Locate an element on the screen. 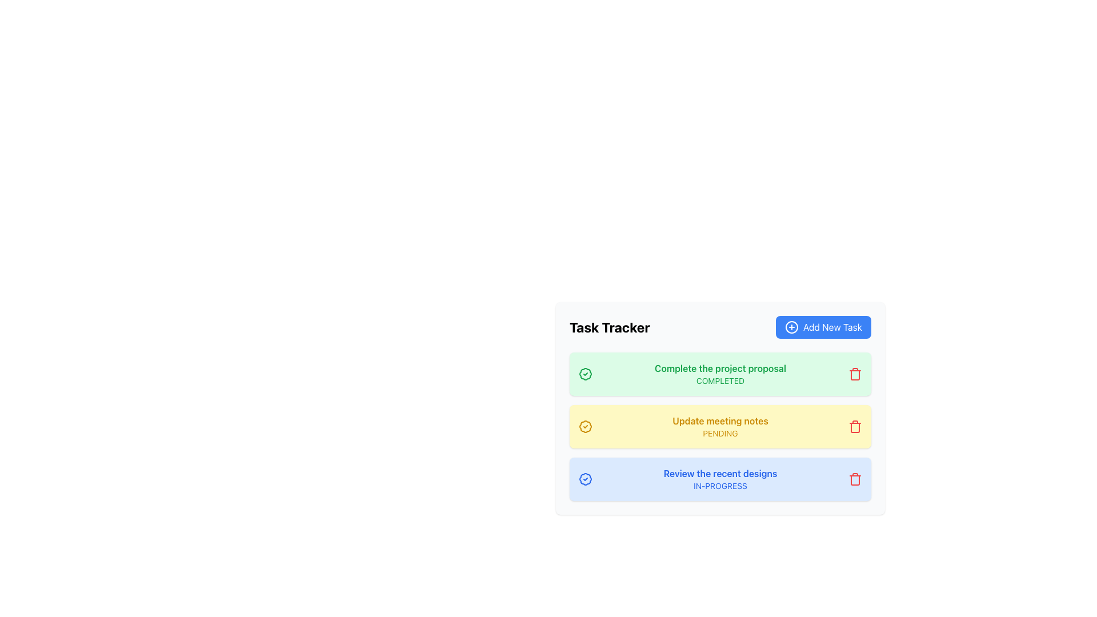 This screenshot has height=617, width=1097. the delete icon located at the top right corner of the 'Complete the project proposal' task card is located at coordinates (855, 374).